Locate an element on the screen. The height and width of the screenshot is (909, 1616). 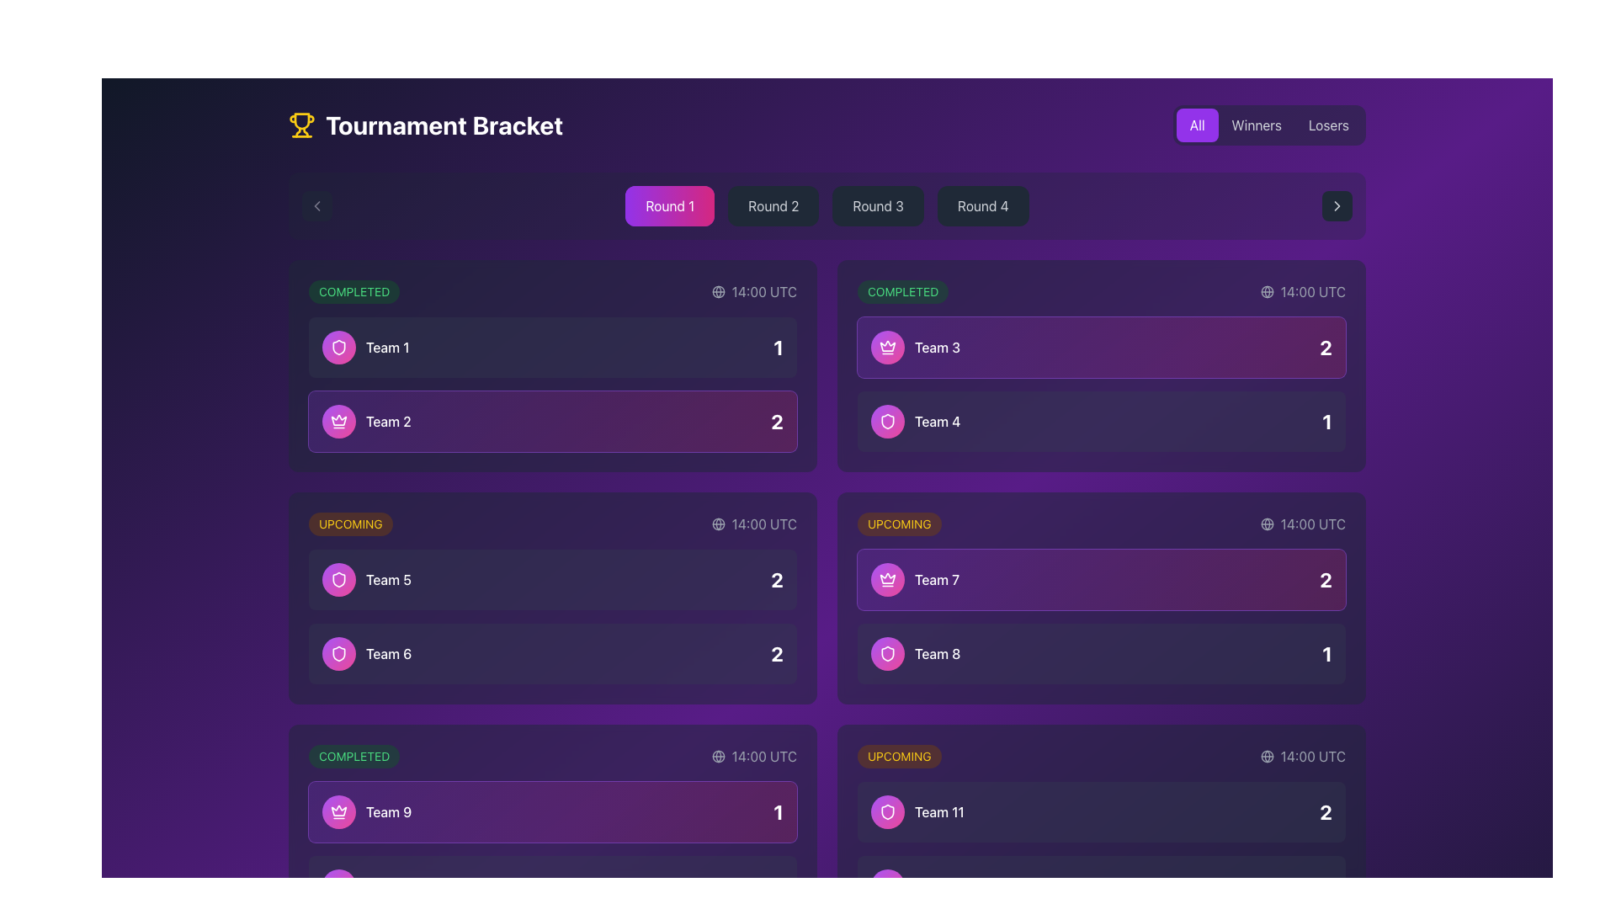
text displayed as '14:00 UTC' in a gray-colored font, which is positioned in the top section of the layout, right-aligned next to a globe icon is located at coordinates (763, 291).